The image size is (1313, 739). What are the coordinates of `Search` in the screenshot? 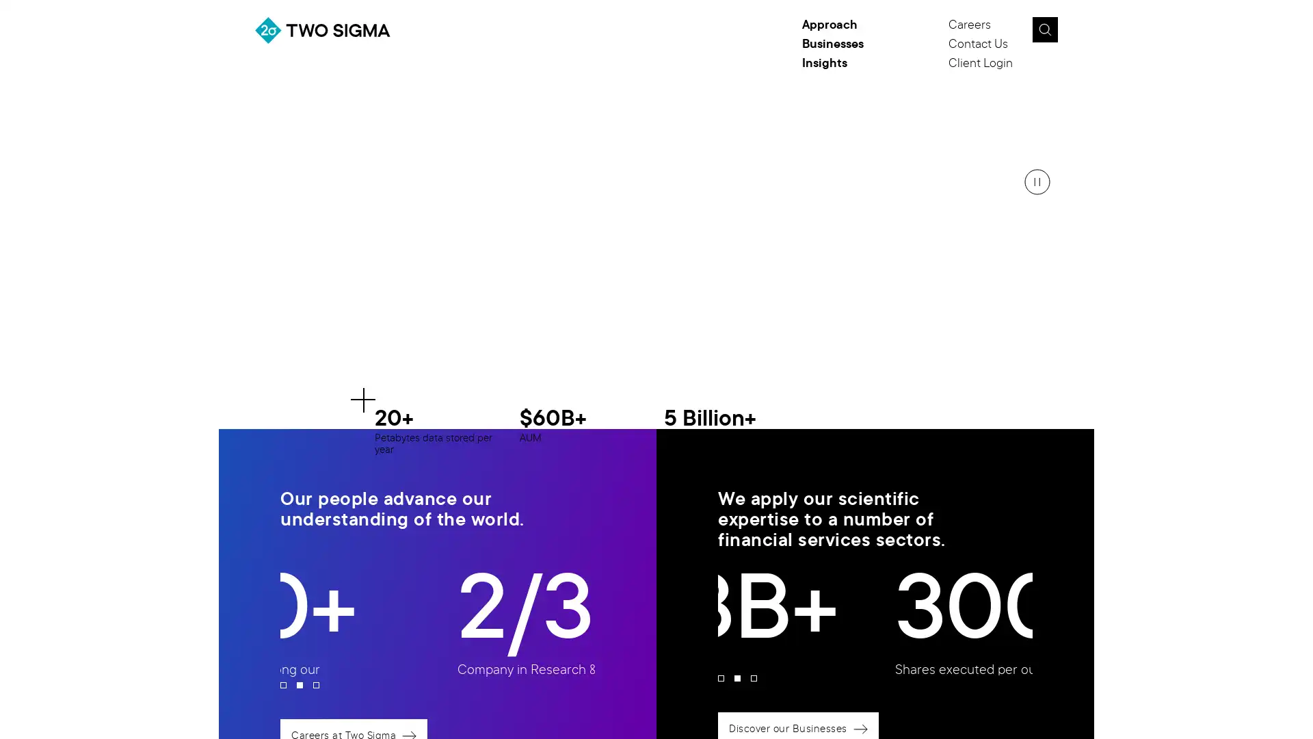 It's located at (1044, 29).